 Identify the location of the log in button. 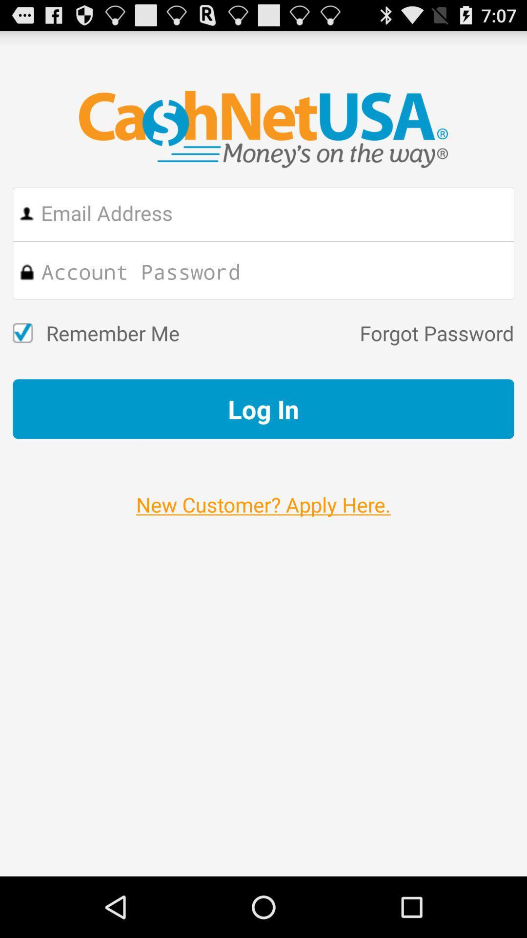
(263, 409).